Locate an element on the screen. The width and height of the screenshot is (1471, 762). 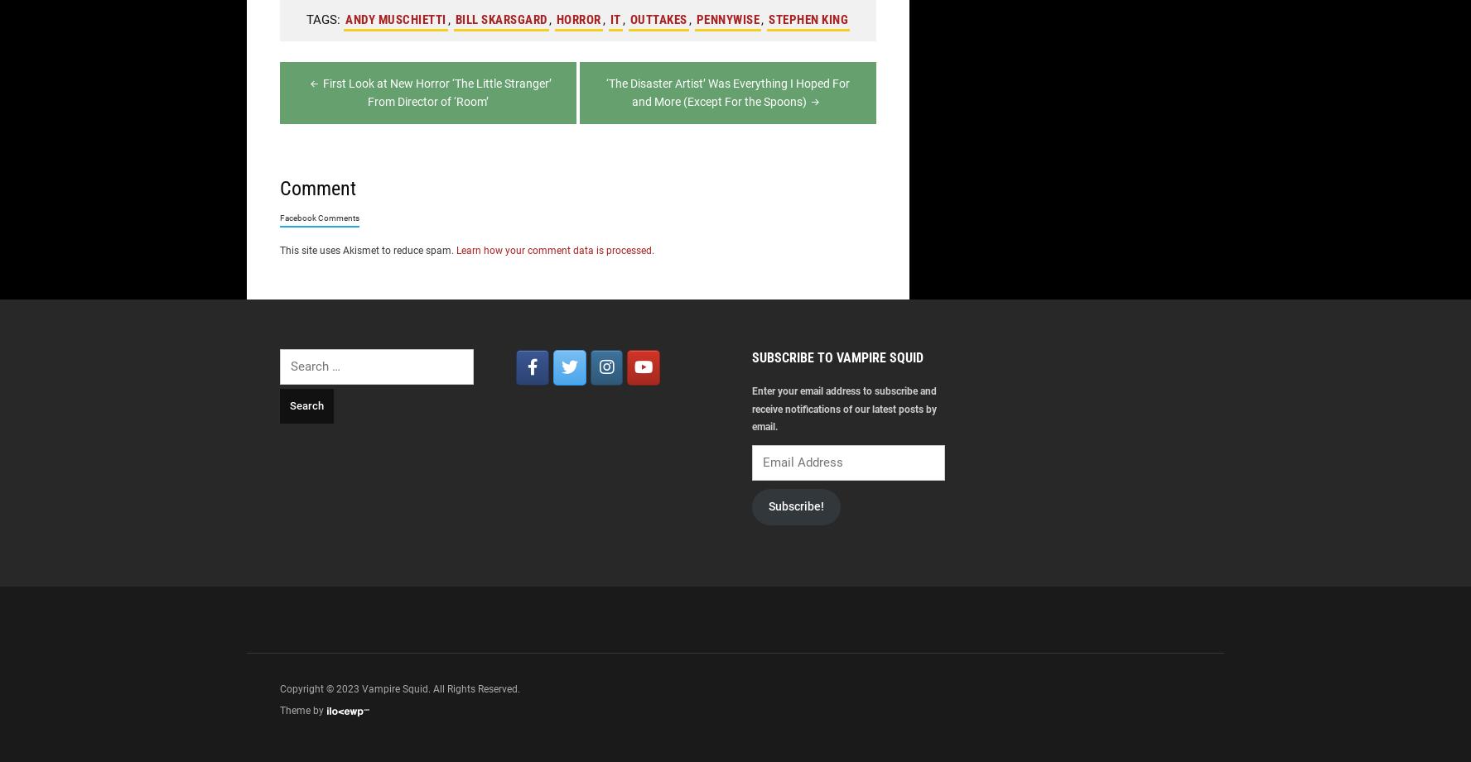
'Copyright © 2023 Vampire Squid. All Rights Reserved.' is located at coordinates (399, 688).